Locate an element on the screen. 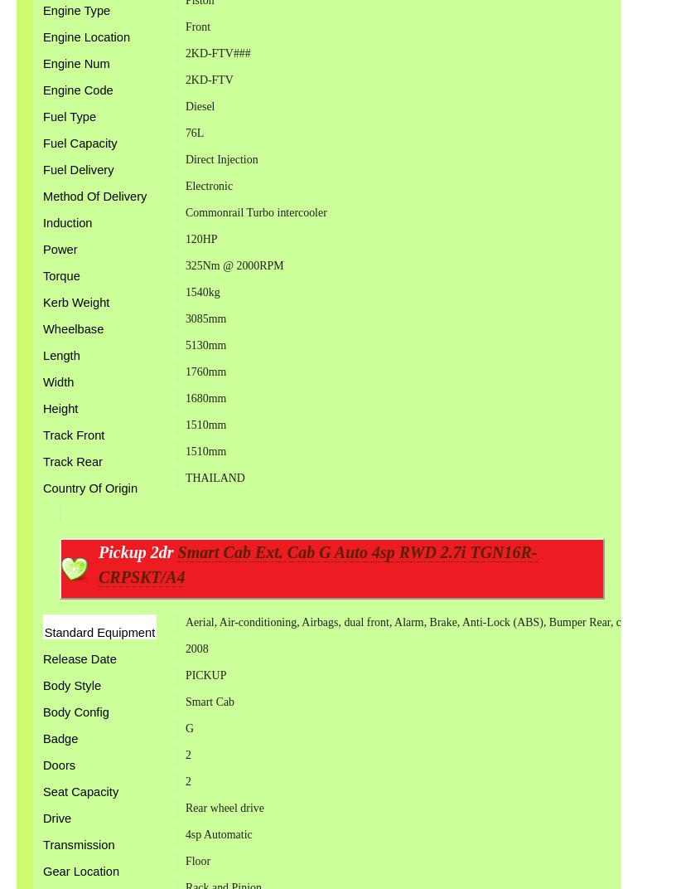 This screenshot has width=700, height=889. 'PICKUP' is located at coordinates (205, 674).